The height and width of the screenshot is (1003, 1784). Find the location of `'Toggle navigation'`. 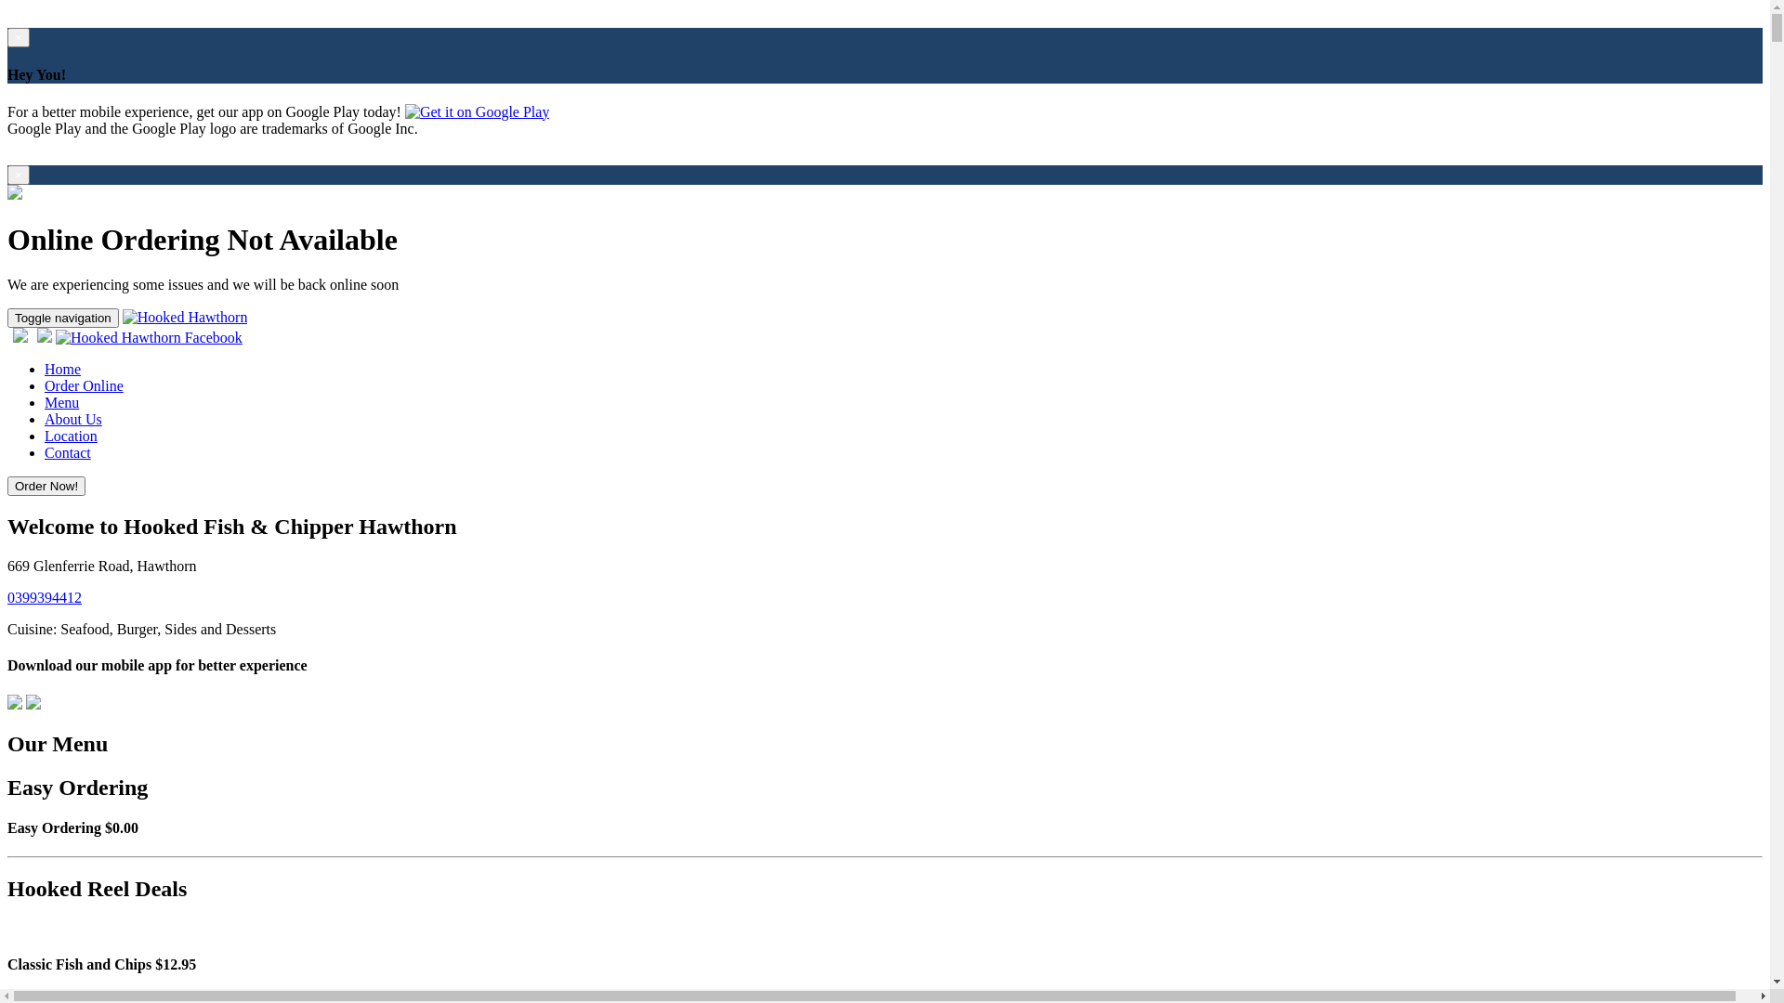

'Toggle navigation' is located at coordinates (62, 317).